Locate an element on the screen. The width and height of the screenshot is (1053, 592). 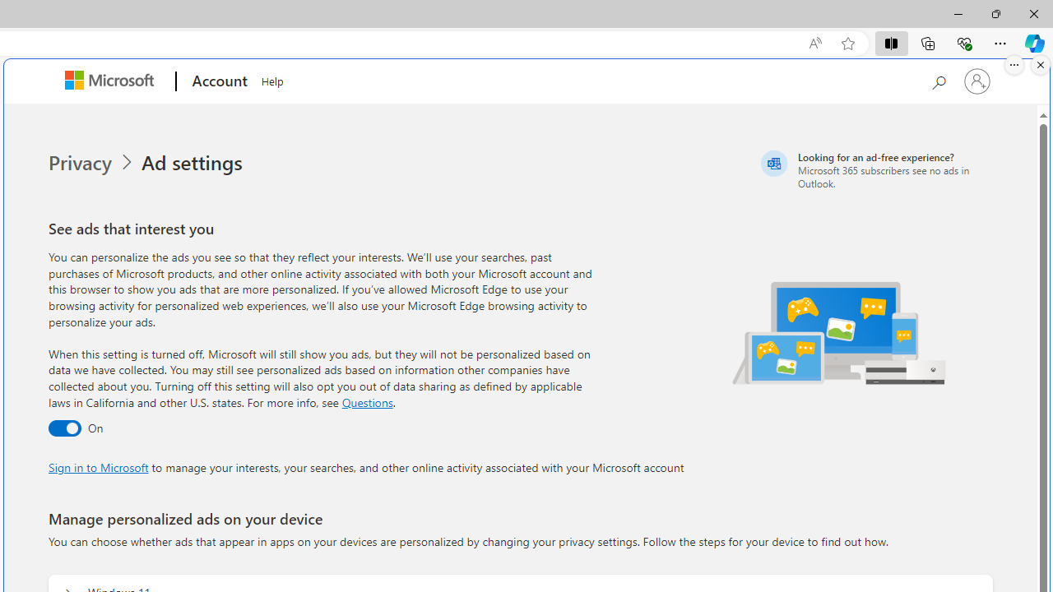
'Looking for an ad-free experience?' is located at coordinates (874, 169).